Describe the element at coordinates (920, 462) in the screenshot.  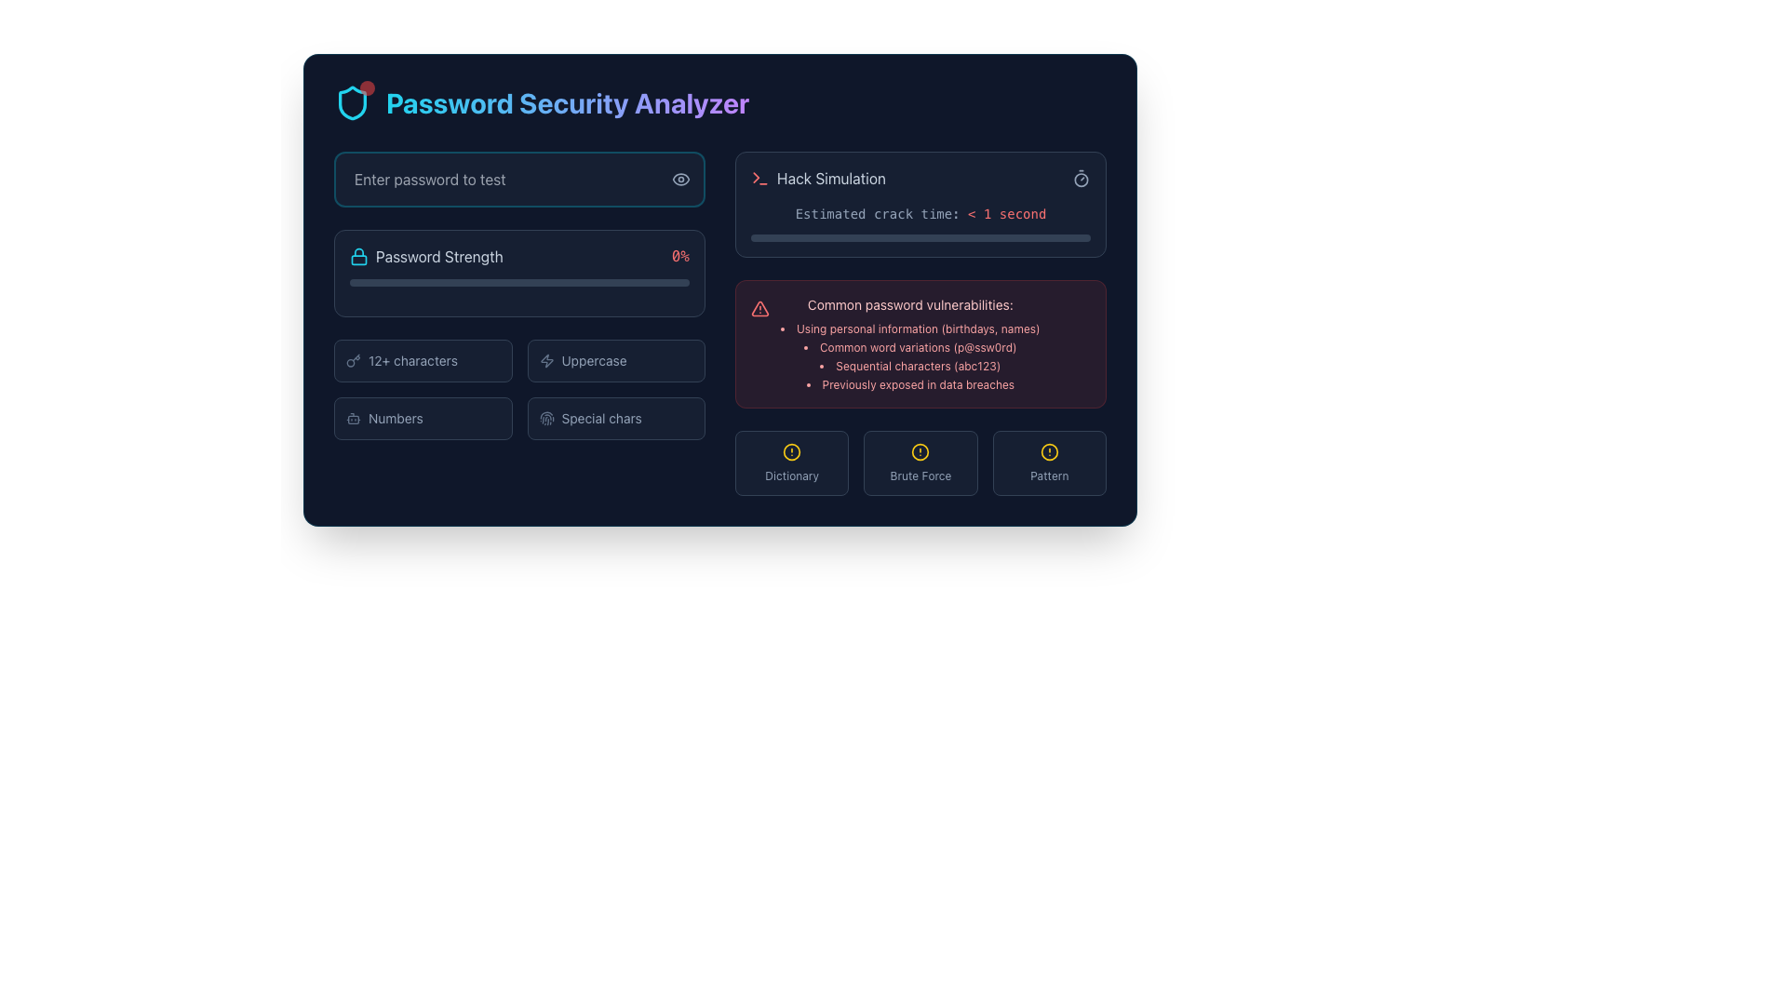
I see `the 'Brute Force' button, which is the second button among three horizontally arranged buttons at the bottom of the panel` at that location.